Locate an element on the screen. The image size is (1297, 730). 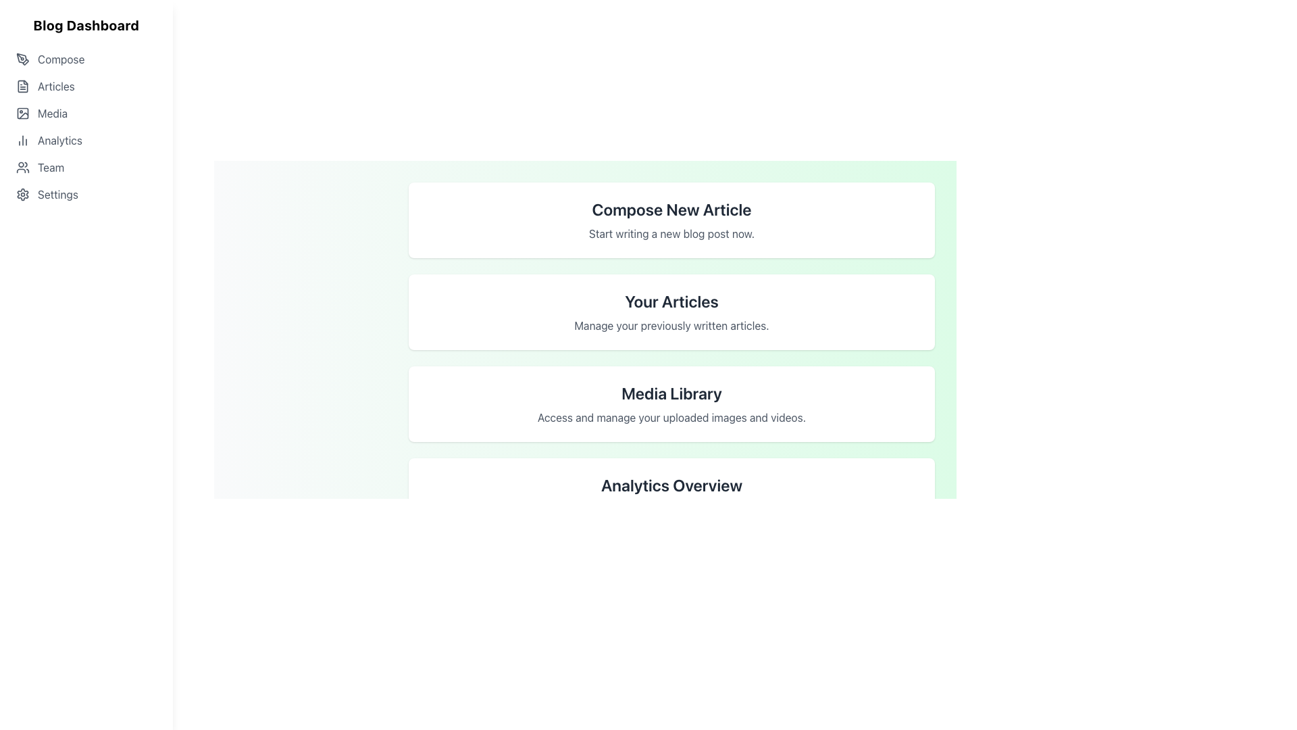
the Text Label that describes the purpose of the 'Your Articles' section, which is located immediately below the heading 'Your Articles' is located at coordinates (671, 326).